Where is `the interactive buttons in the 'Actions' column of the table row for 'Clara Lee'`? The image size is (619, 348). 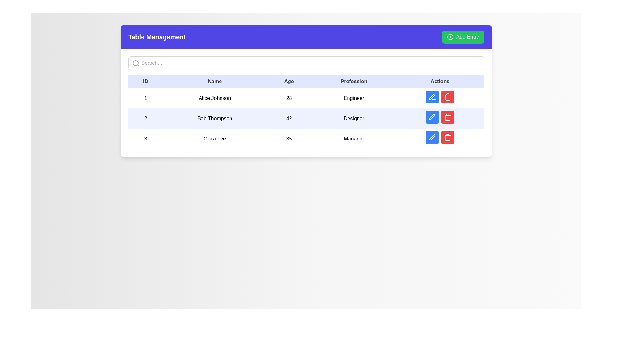 the interactive buttons in the 'Actions' column of the table row for 'Clara Lee' is located at coordinates (439, 138).